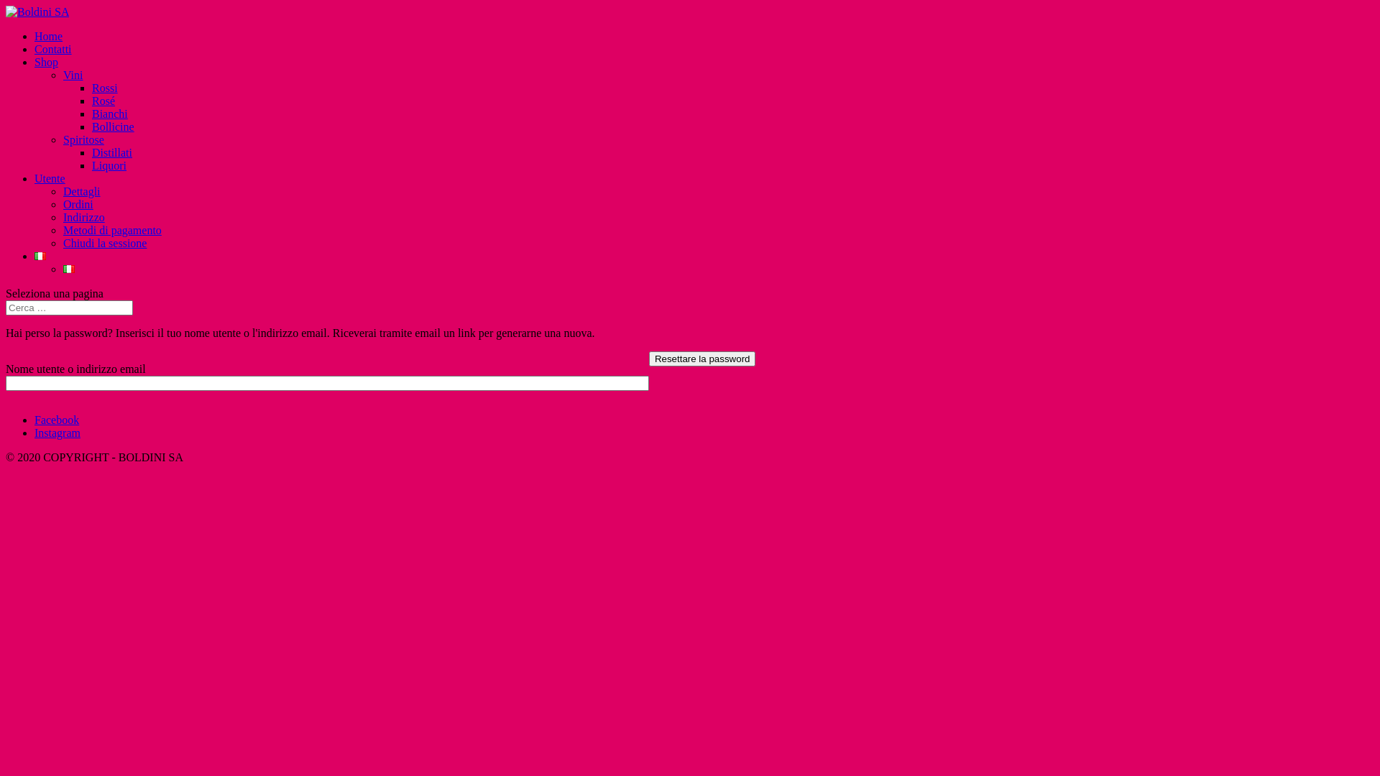  What do you see at coordinates (68, 307) in the screenshot?
I see `'Cerca:'` at bounding box center [68, 307].